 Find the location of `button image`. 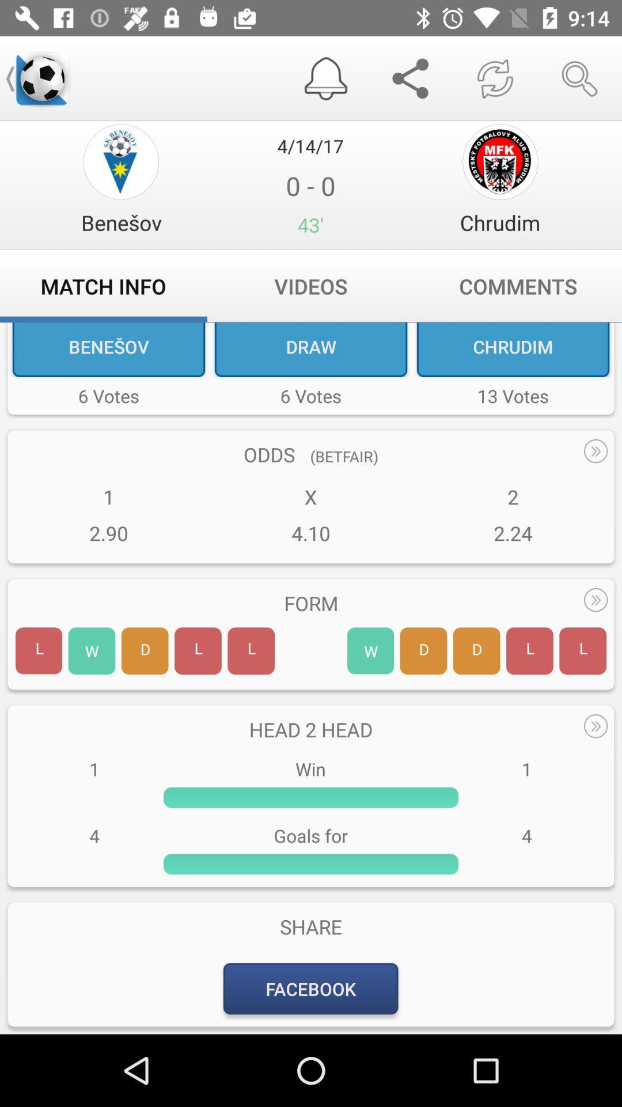

button image is located at coordinates (121, 161).